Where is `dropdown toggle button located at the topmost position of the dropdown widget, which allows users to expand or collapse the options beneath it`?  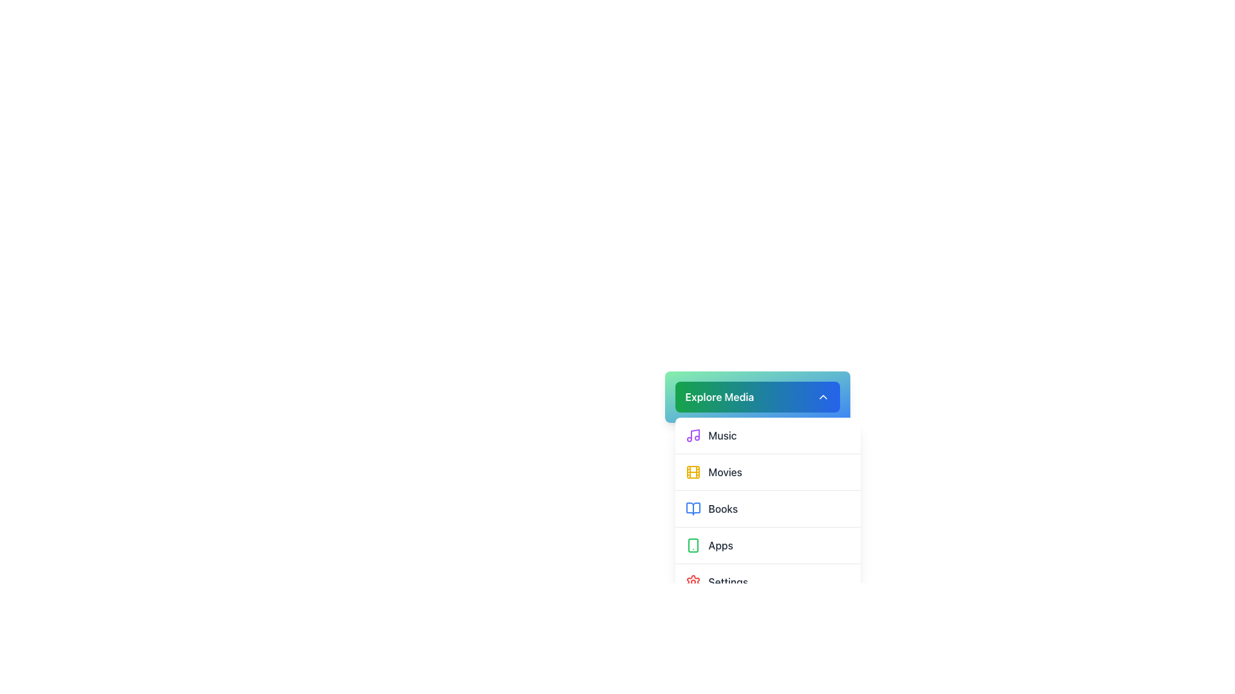
dropdown toggle button located at the topmost position of the dropdown widget, which allows users to expand or collapse the options beneath it is located at coordinates (757, 396).